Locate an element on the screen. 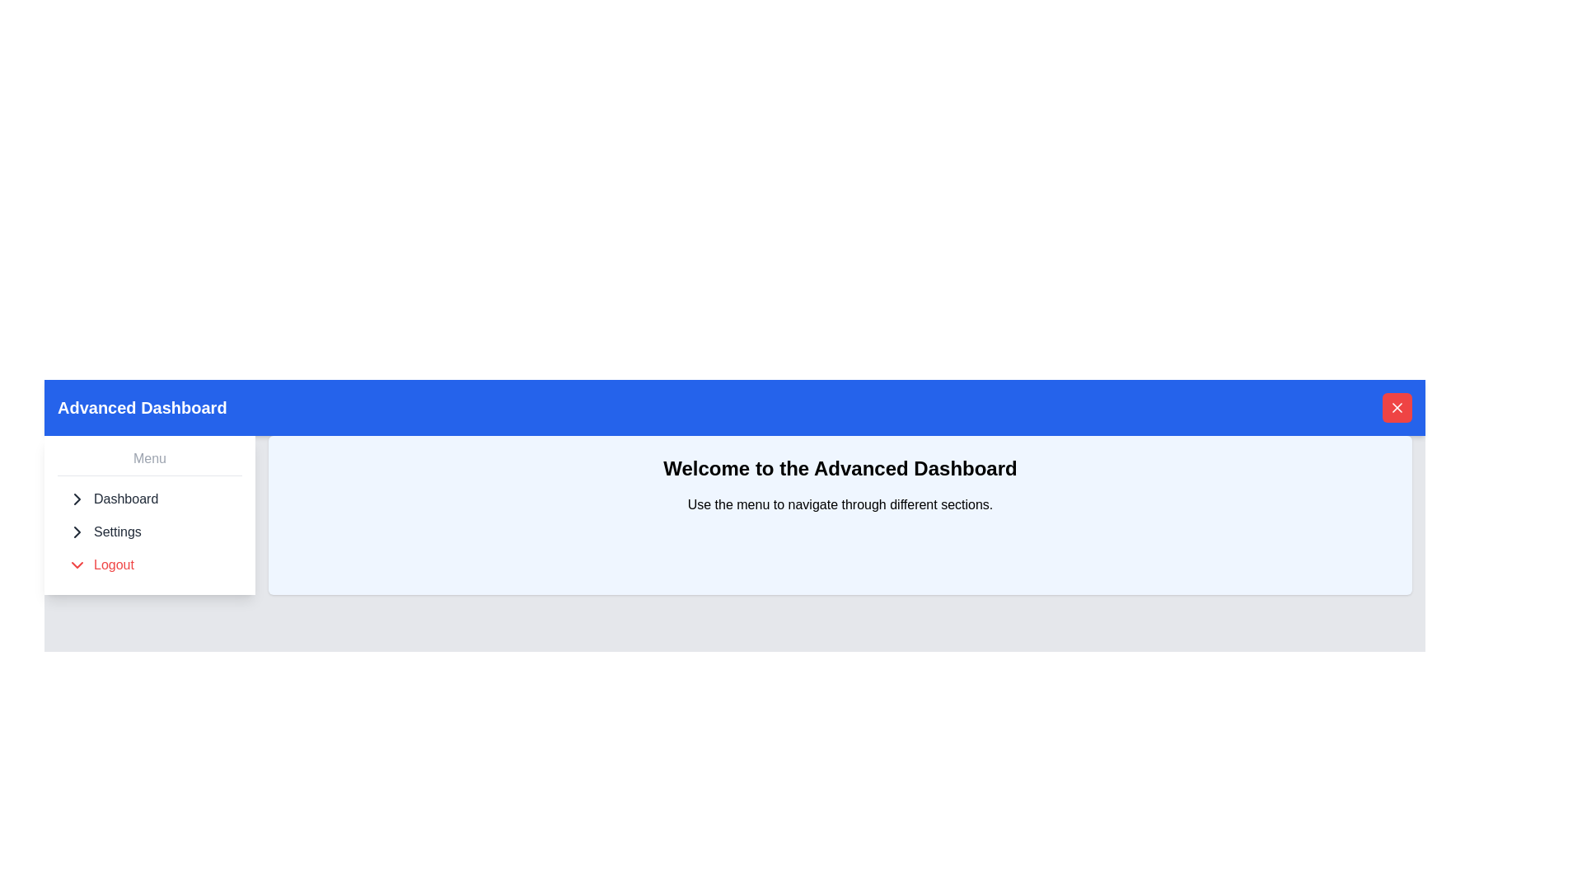 This screenshot has height=890, width=1582. keyboard navigation is located at coordinates (77, 498).